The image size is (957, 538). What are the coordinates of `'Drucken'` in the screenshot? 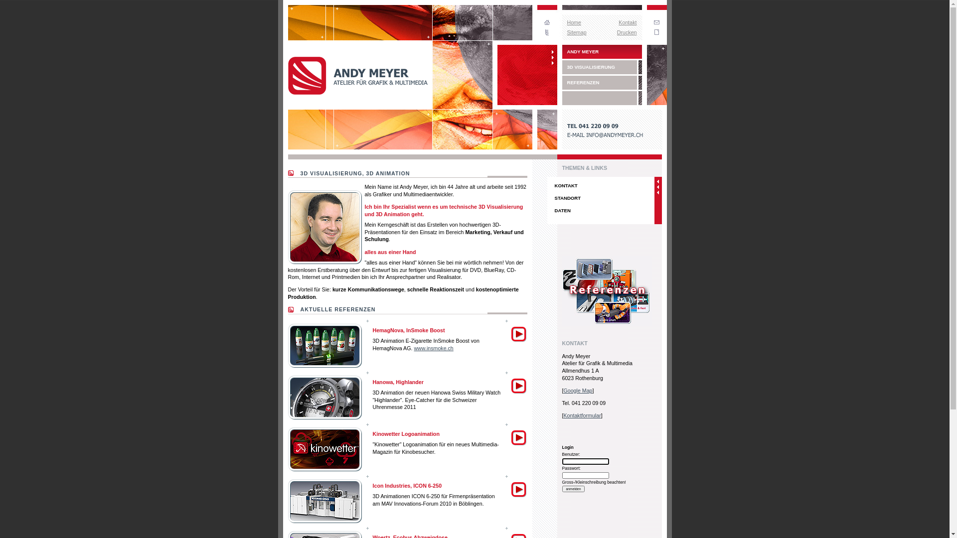 It's located at (626, 32).